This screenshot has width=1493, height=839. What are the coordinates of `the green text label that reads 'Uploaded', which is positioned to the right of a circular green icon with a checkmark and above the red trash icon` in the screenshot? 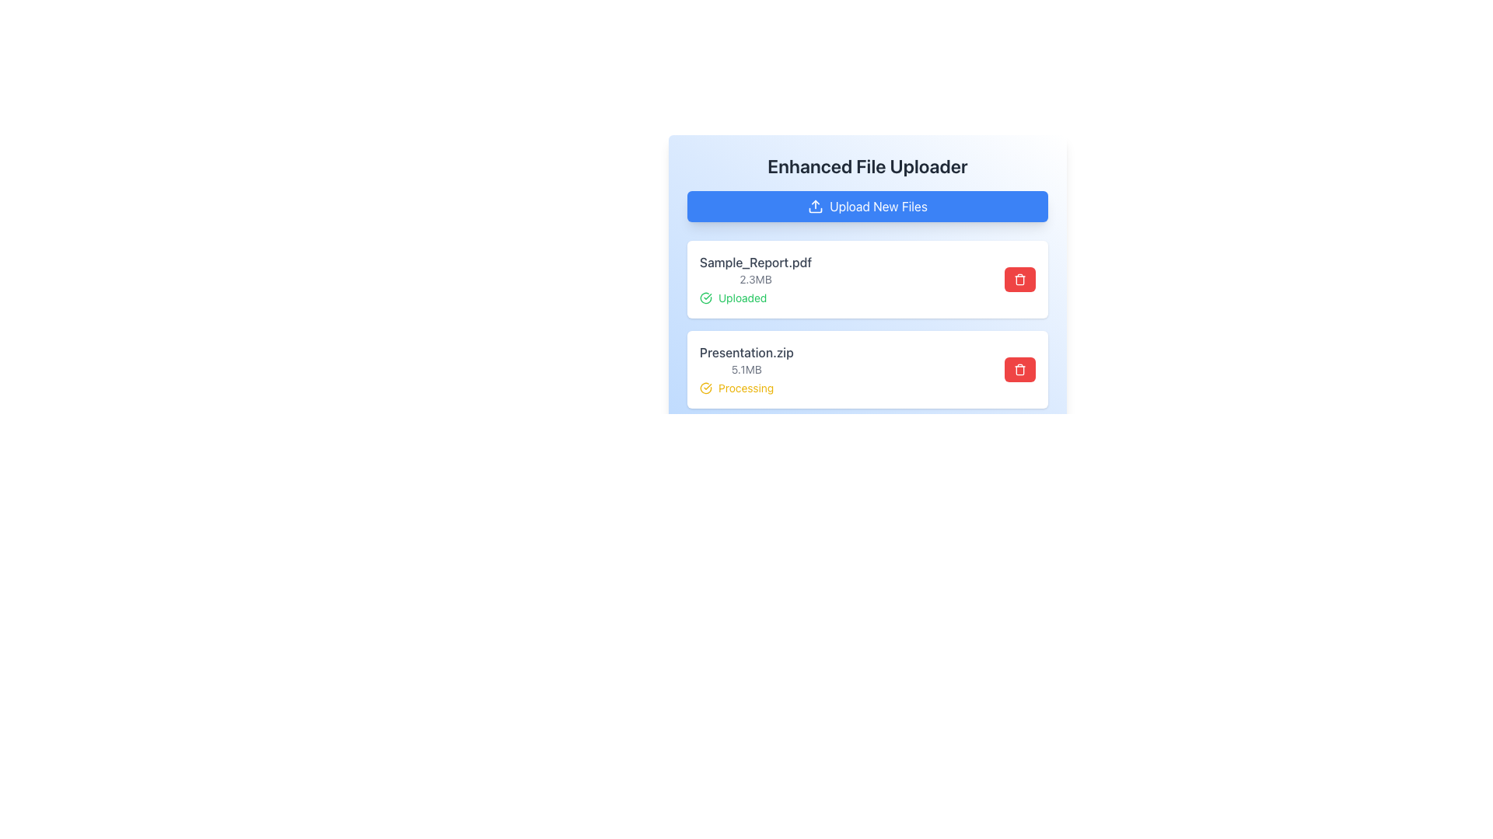 It's located at (742, 298).